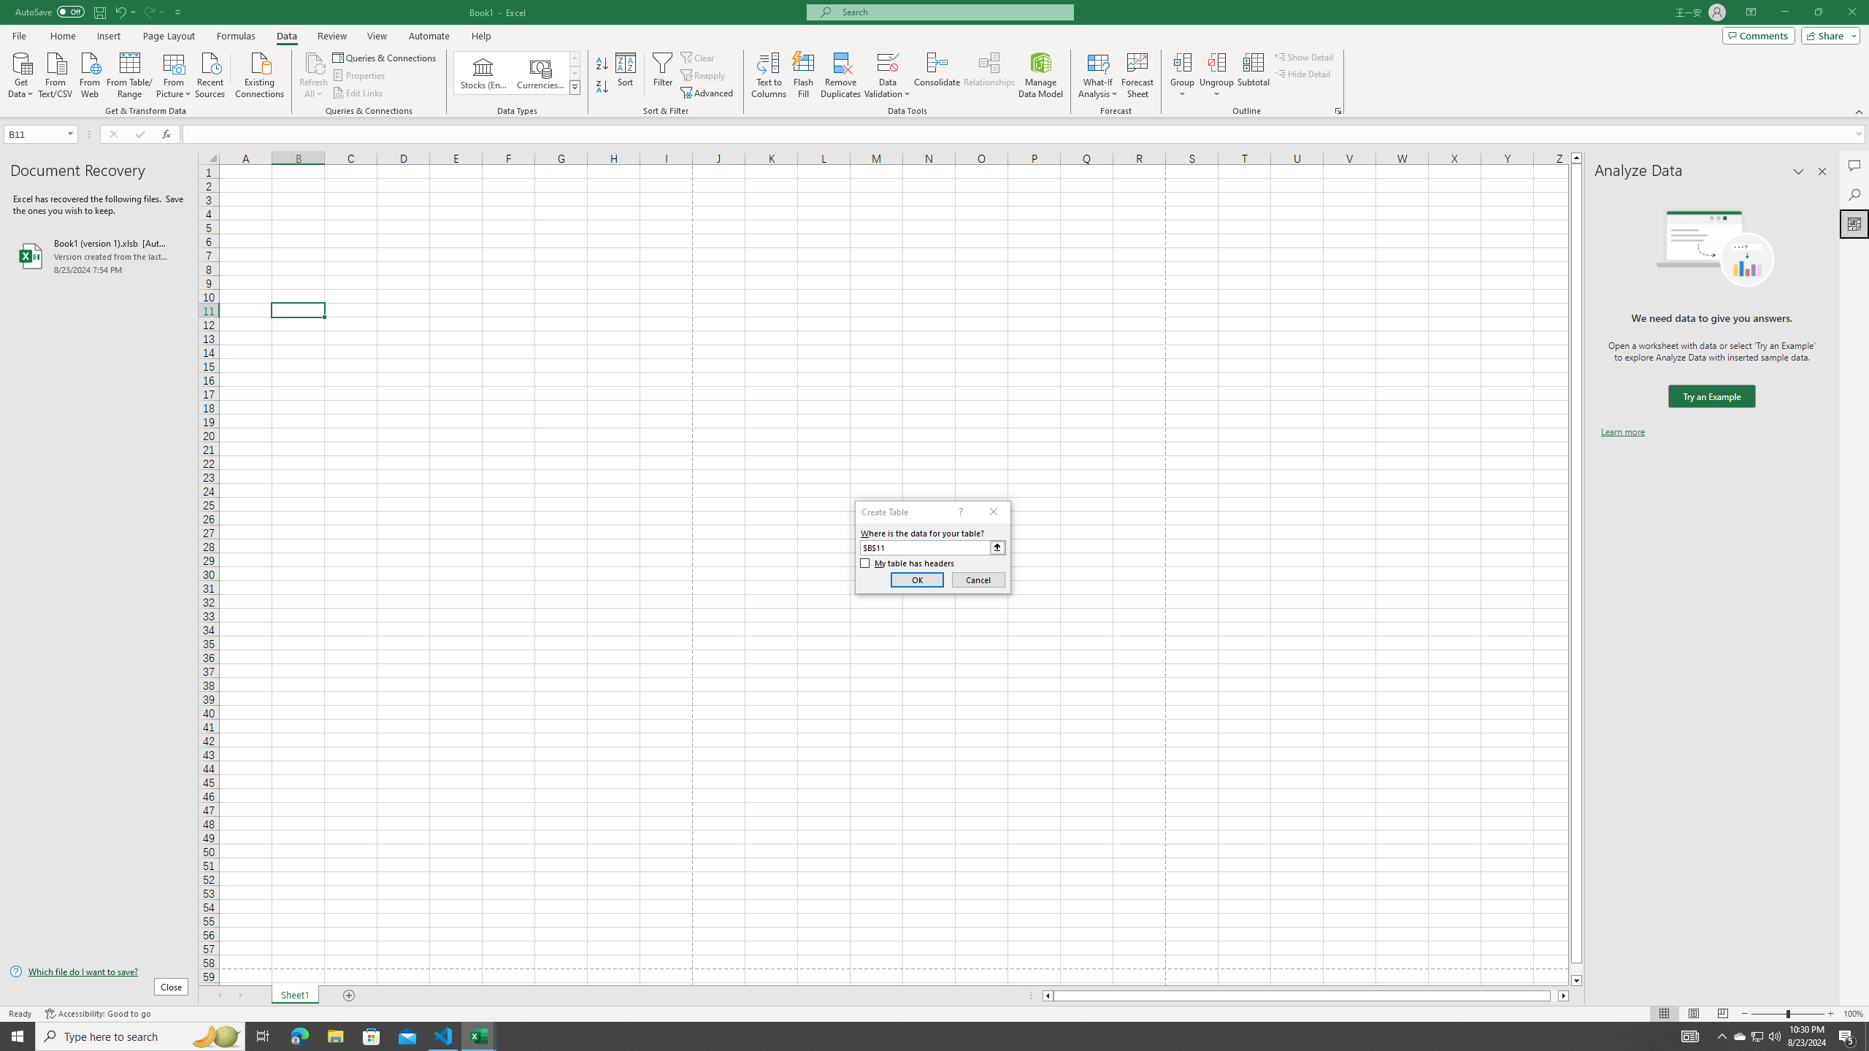 This screenshot has width=1869, height=1051. Describe the element at coordinates (575, 72) in the screenshot. I see `'Row Down'` at that location.